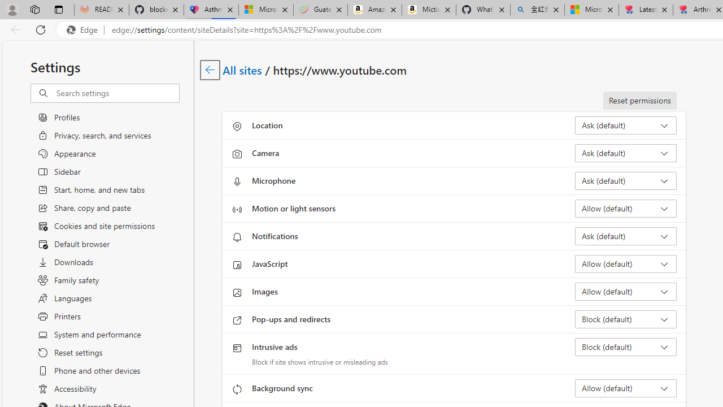  Describe the element at coordinates (639, 99) in the screenshot. I see `'Reset permissions'` at that location.